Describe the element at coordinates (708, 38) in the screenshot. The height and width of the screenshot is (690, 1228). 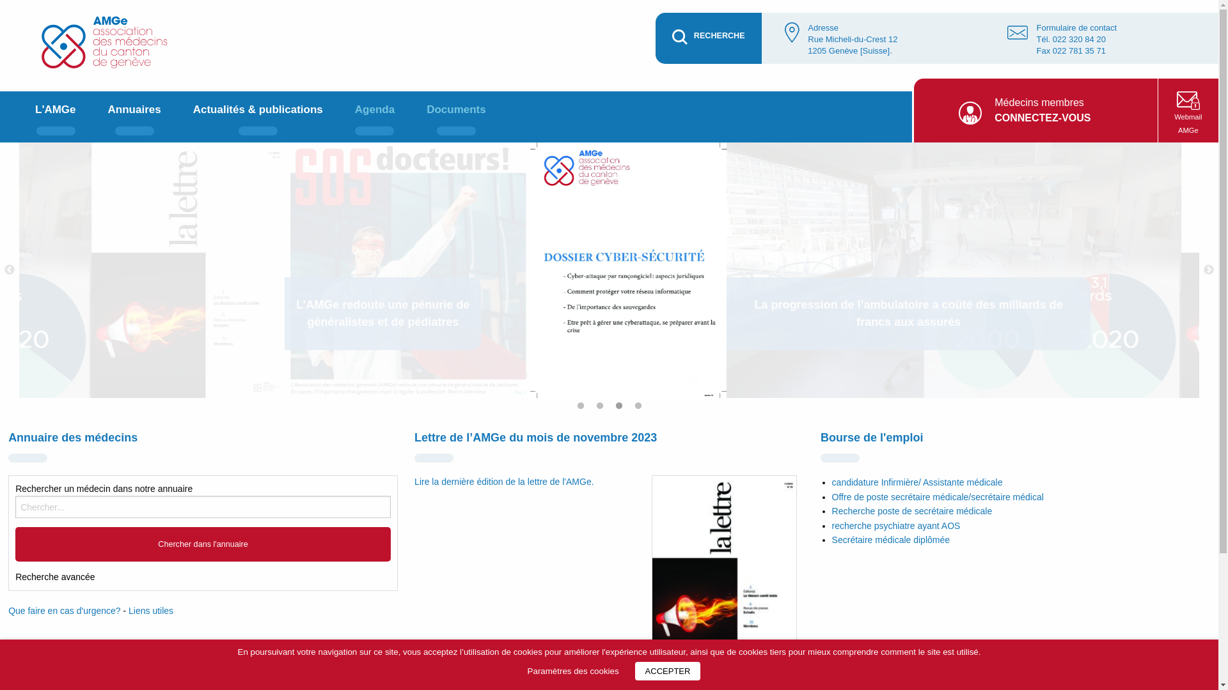
I see `'RECHERCHE'` at that location.